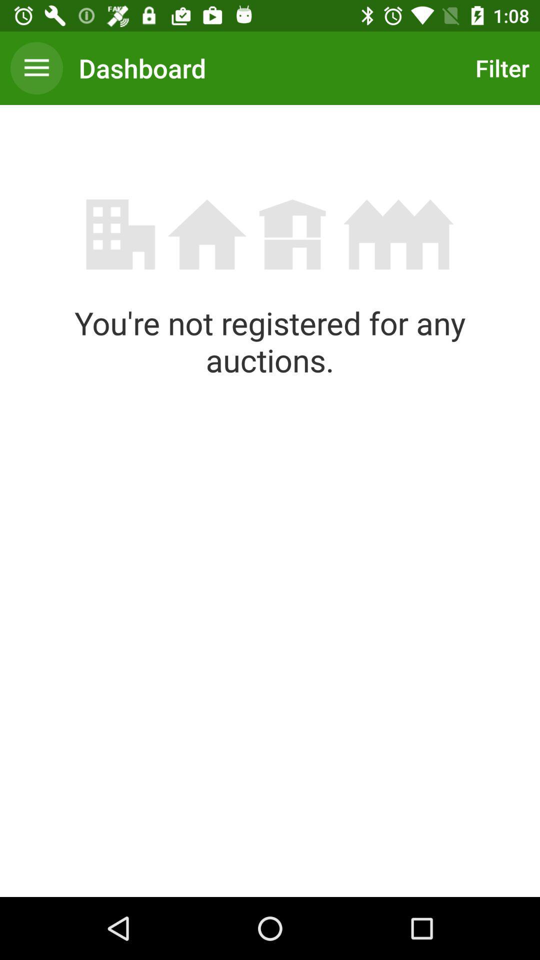 The width and height of the screenshot is (540, 960). I want to click on the icon at the top right corner, so click(499, 67).